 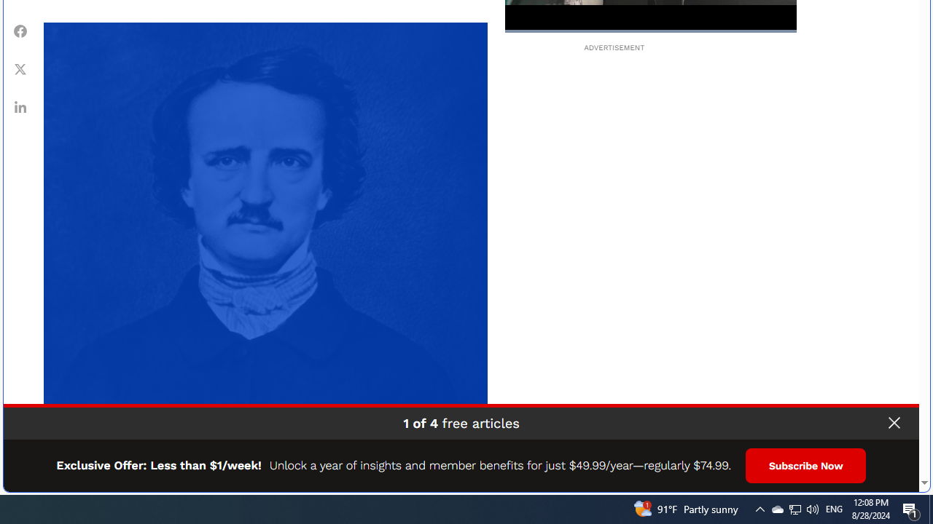 What do you see at coordinates (20, 106) in the screenshot?
I see `'Class: fs-icon fs-icon--linkedin'` at bounding box center [20, 106].